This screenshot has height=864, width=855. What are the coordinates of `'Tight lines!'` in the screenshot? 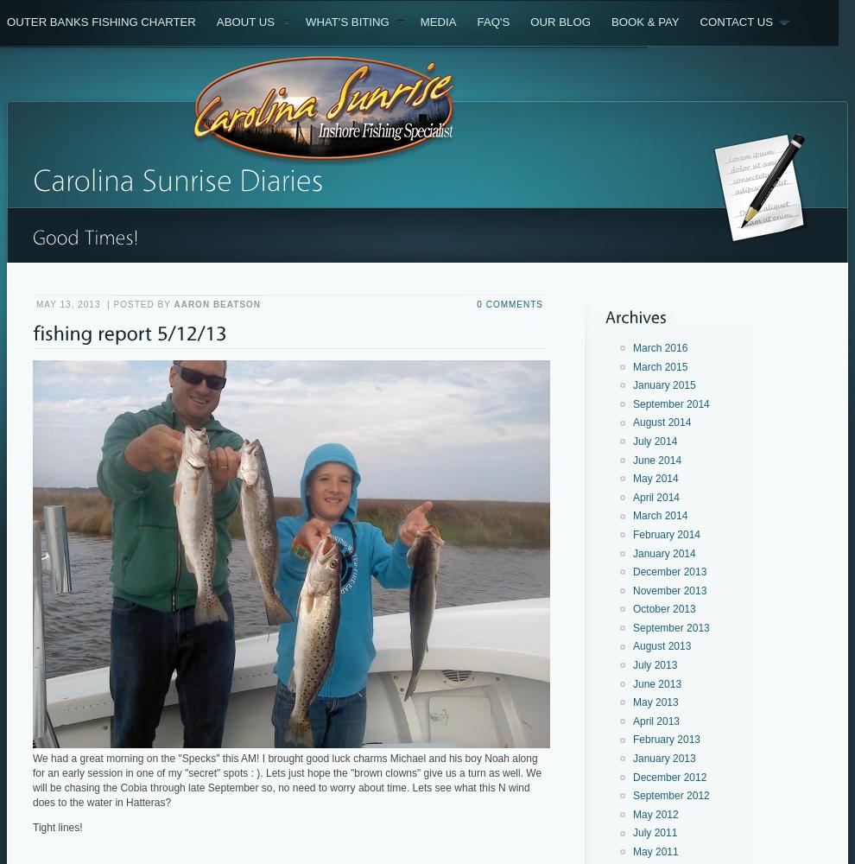 It's located at (57, 826).